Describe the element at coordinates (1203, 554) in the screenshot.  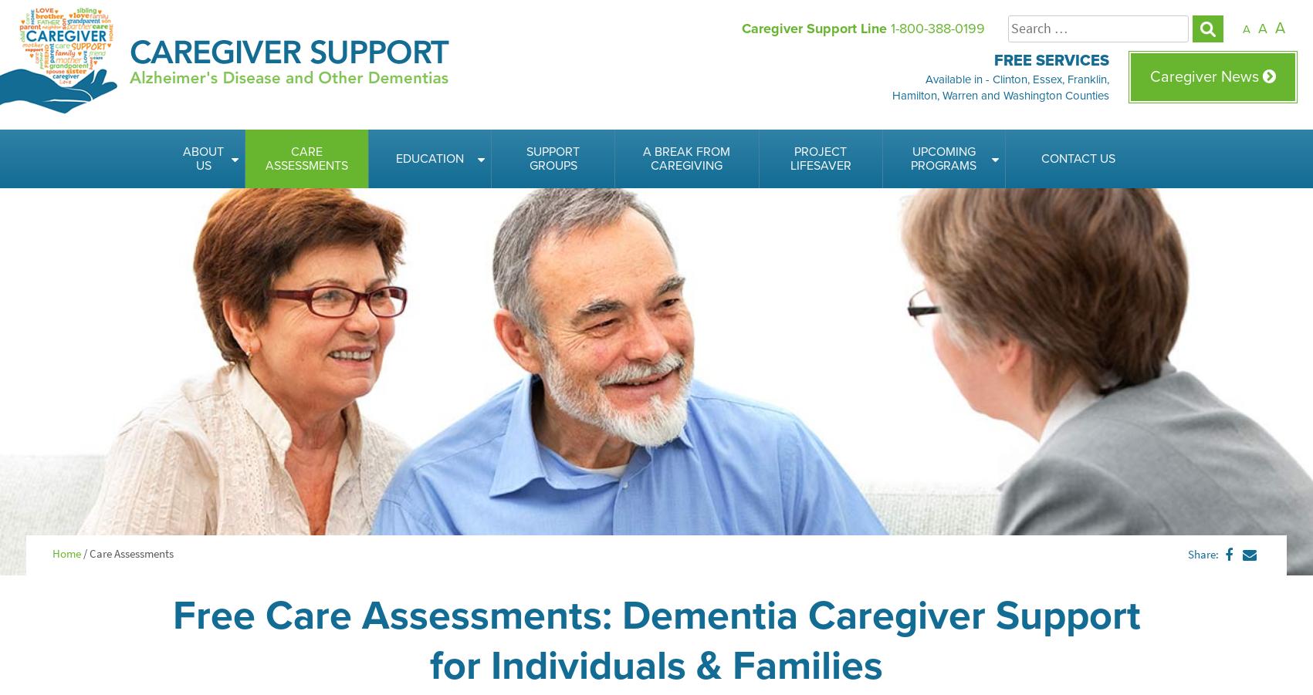
I see `'Share:'` at that location.